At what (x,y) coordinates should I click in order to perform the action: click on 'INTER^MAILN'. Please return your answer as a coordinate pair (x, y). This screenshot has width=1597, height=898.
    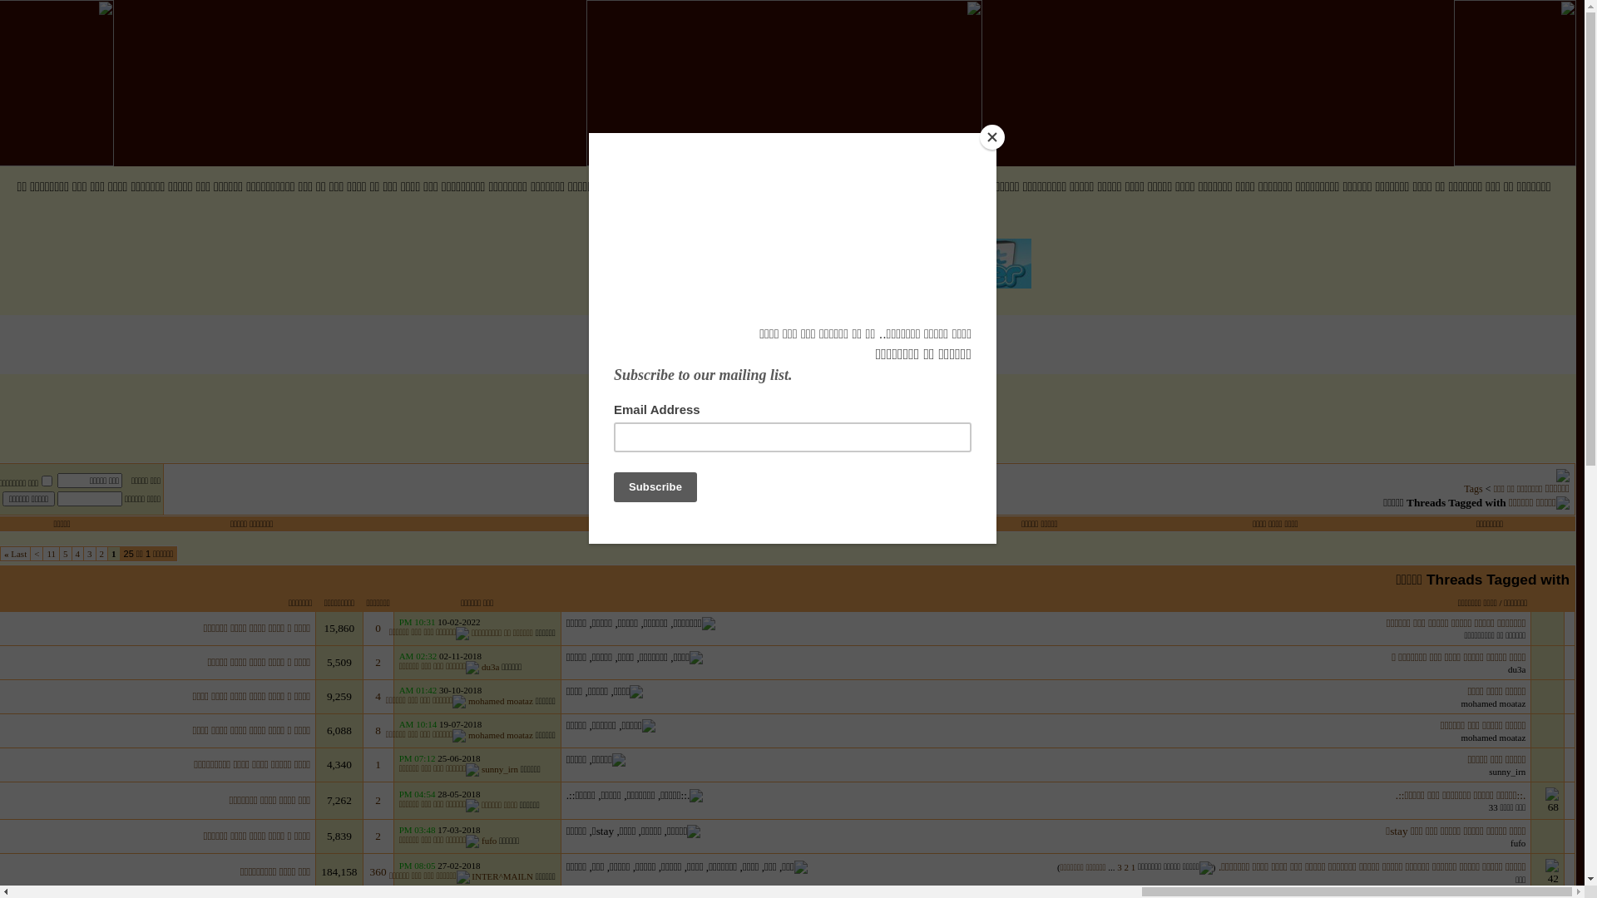
    Looking at the image, I should click on (502, 875).